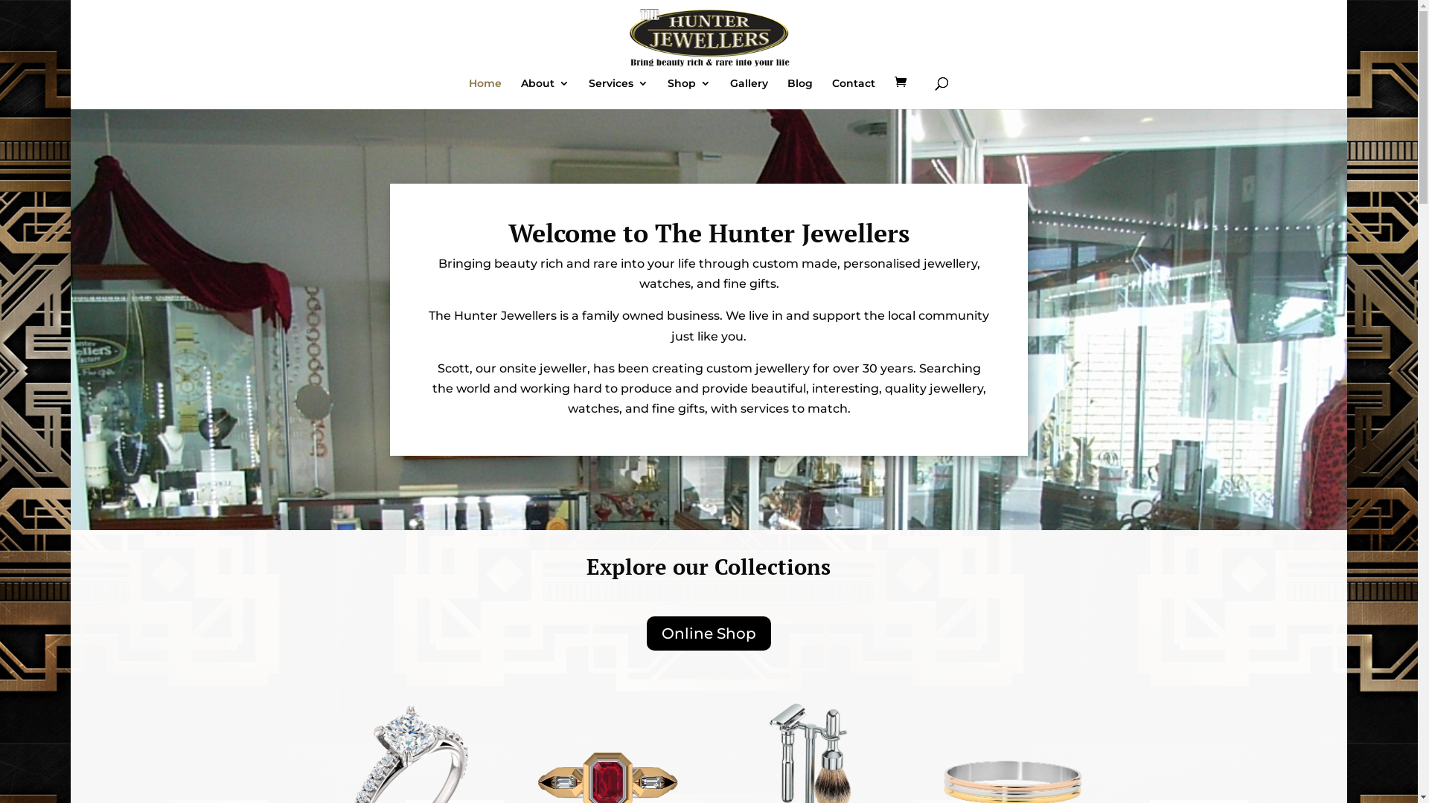 This screenshot has width=1429, height=803. What do you see at coordinates (854, 94) in the screenshot?
I see `'Contact'` at bounding box center [854, 94].